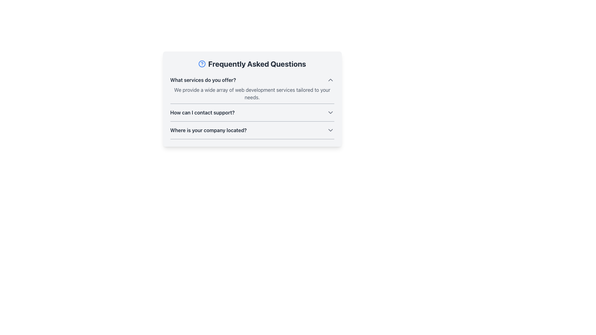 The height and width of the screenshot is (335, 596). Describe the element at coordinates (252, 115) in the screenshot. I see `the second Collapsible FAQ Item labeled 'How can I contact support?'` at that location.